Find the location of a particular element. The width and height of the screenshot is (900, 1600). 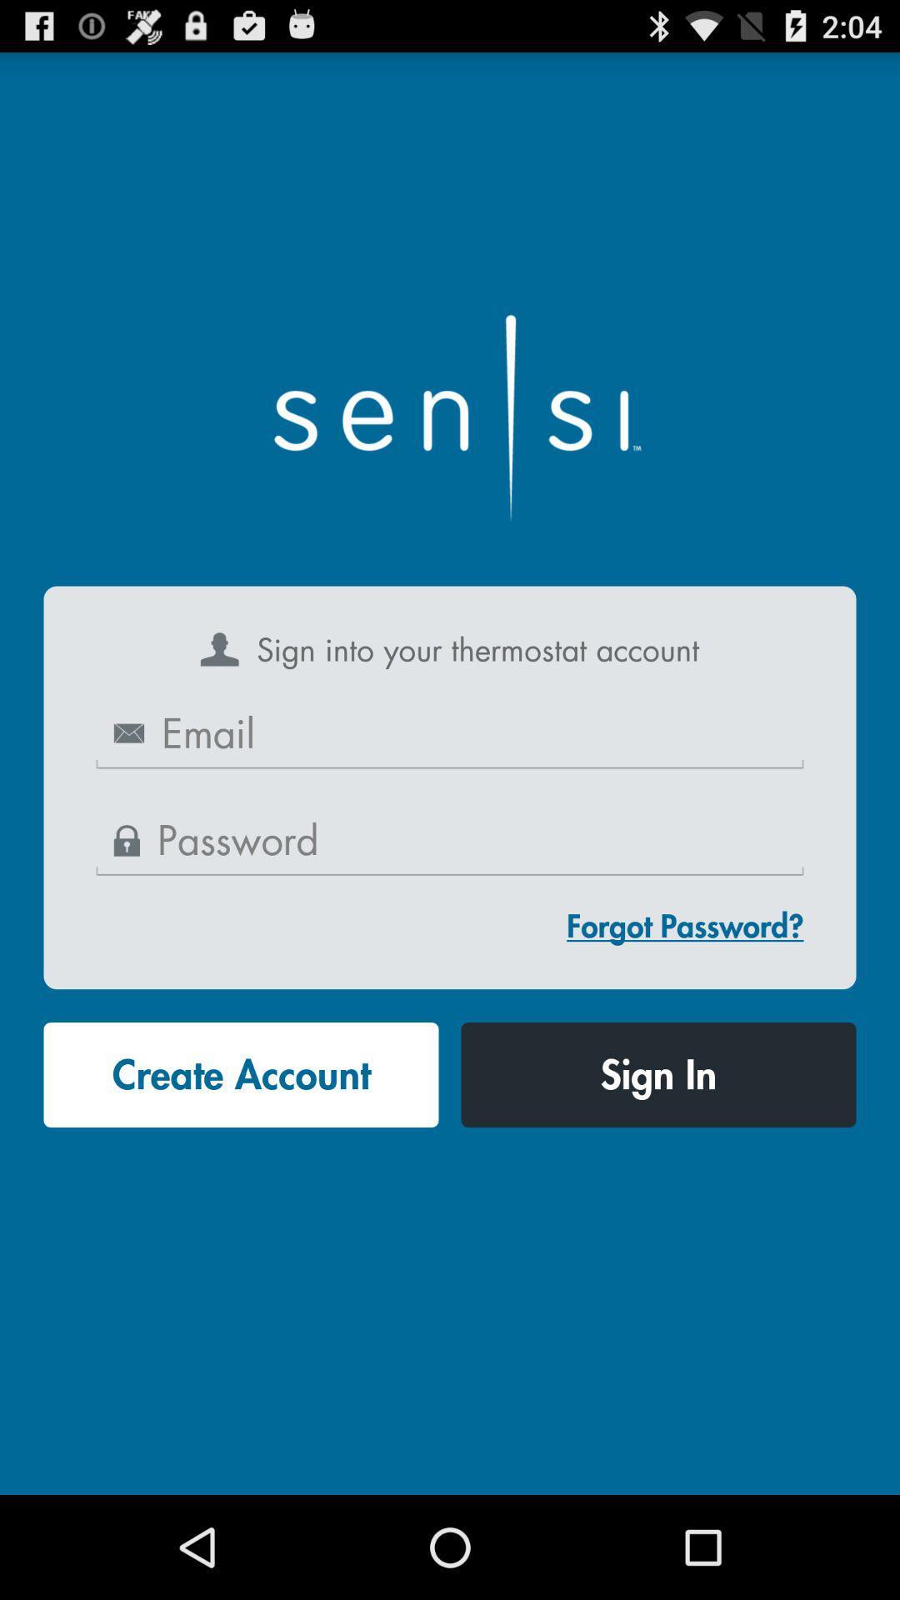

sign in button is located at coordinates (657, 1075).